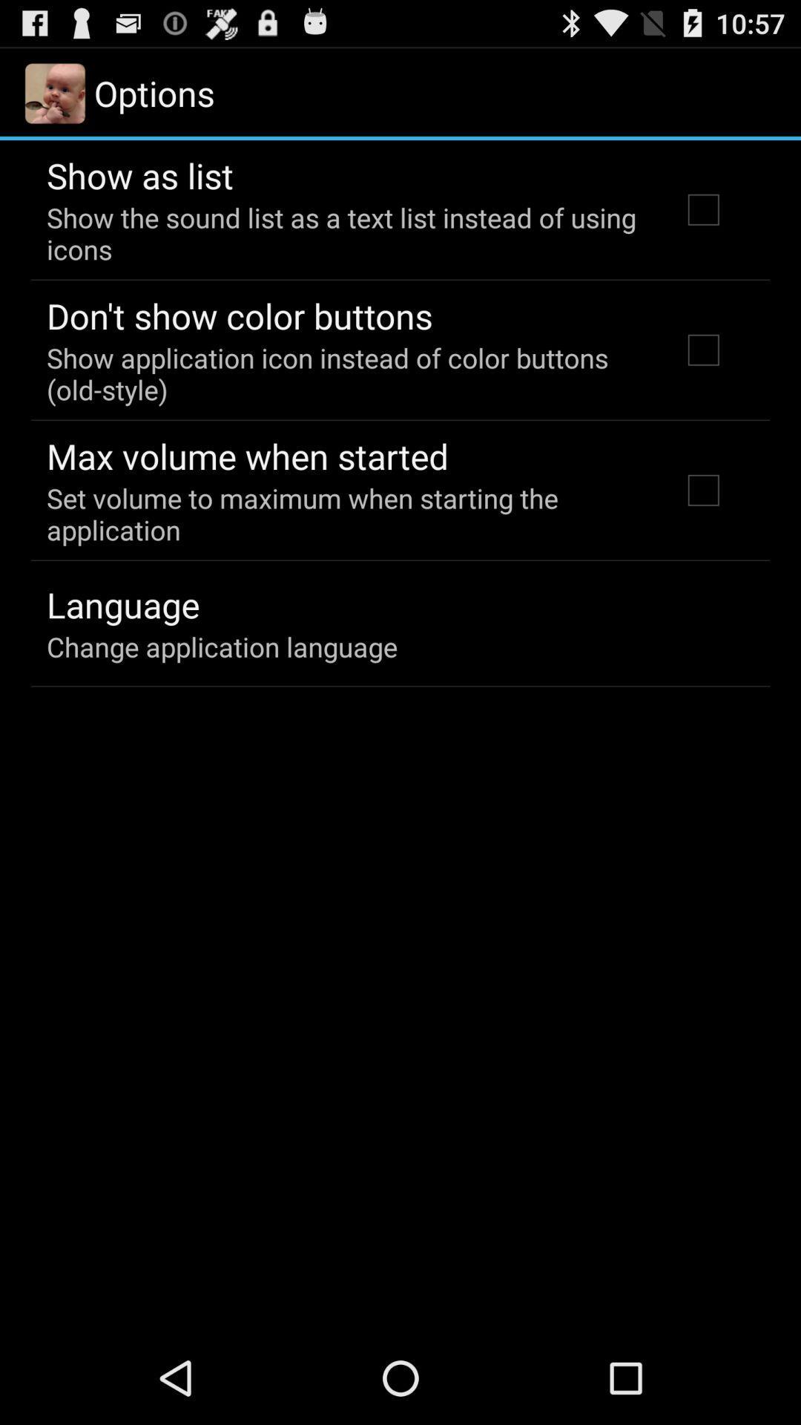 Image resolution: width=801 pixels, height=1425 pixels. What do you see at coordinates (343, 373) in the screenshot?
I see `the show application icon app` at bounding box center [343, 373].